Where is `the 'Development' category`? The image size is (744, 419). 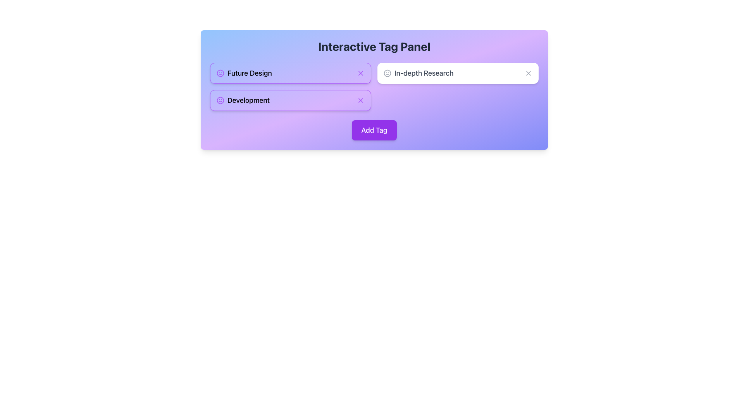
the 'Development' category is located at coordinates (248, 100).